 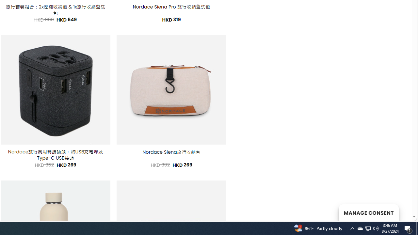 What do you see at coordinates (368, 212) in the screenshot?
I see `'MANAGE CONSENT'` at bounding box center [368, 212].